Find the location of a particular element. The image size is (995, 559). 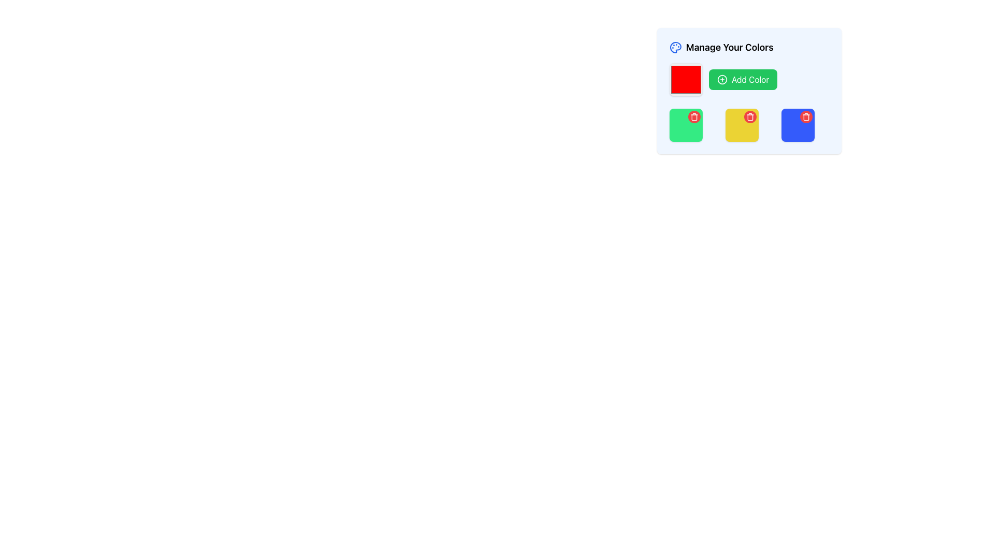

the delete button located at the top-right corner of the associated blue square item in the 'Manage Your Colors' panel is located at coordinates (805, 116).